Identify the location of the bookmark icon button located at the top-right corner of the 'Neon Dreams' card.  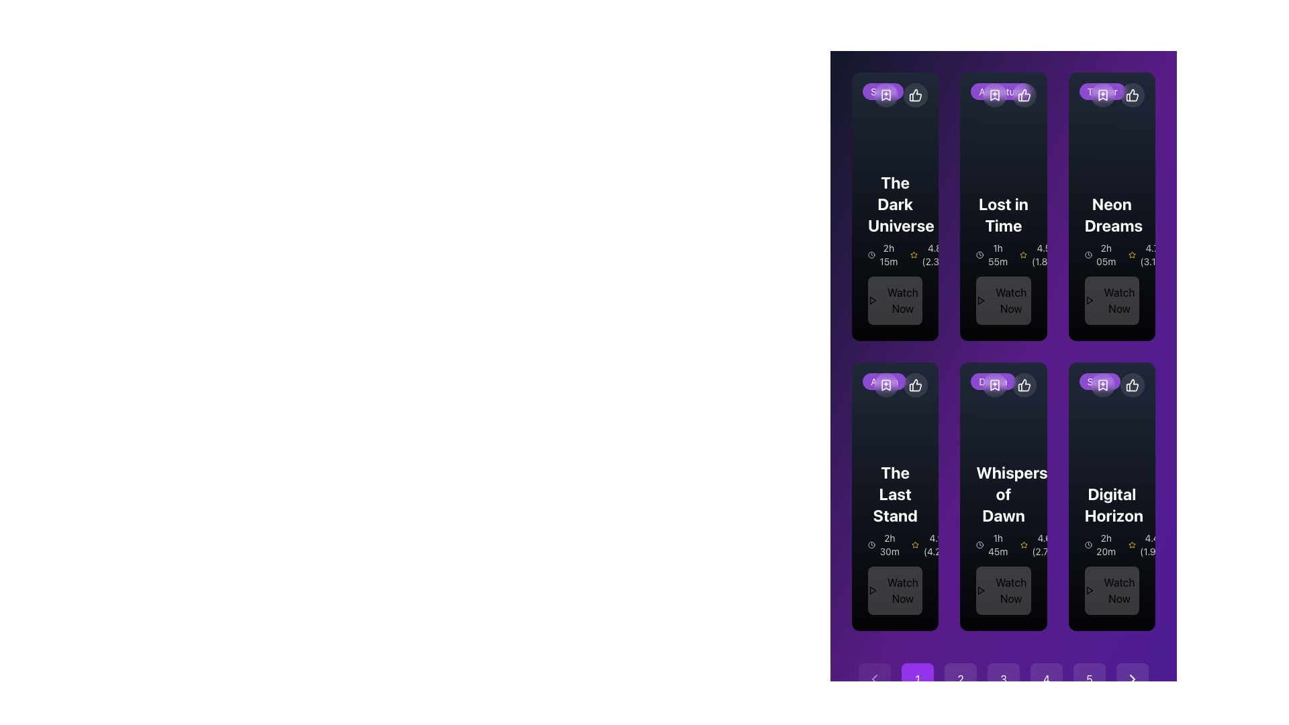
(1102, 95).